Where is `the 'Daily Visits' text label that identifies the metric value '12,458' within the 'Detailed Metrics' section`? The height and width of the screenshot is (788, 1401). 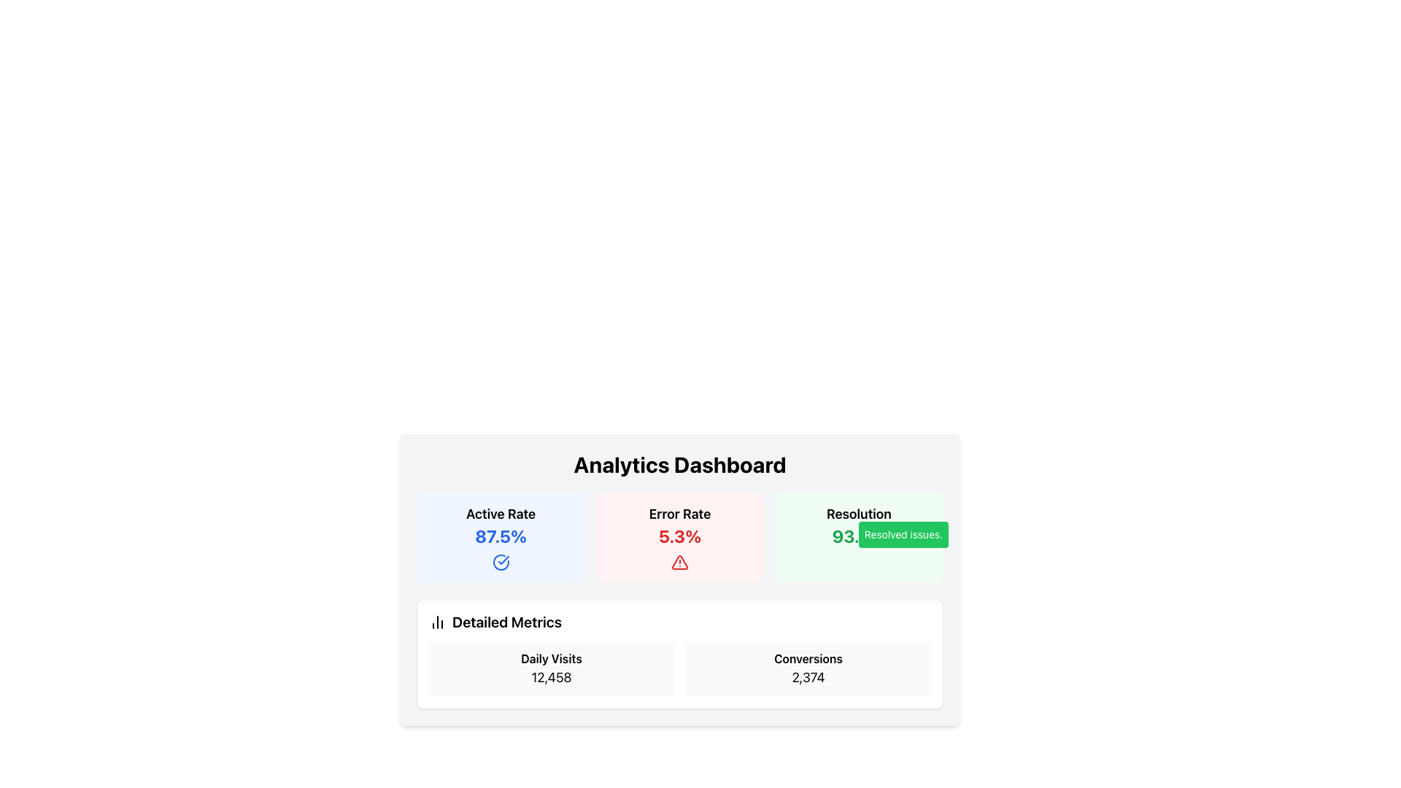 the 'Daily Visits' text label that identifies the metric value '12,458' within the 'Detailed Metrics' section is located at coordinates (550, 658).